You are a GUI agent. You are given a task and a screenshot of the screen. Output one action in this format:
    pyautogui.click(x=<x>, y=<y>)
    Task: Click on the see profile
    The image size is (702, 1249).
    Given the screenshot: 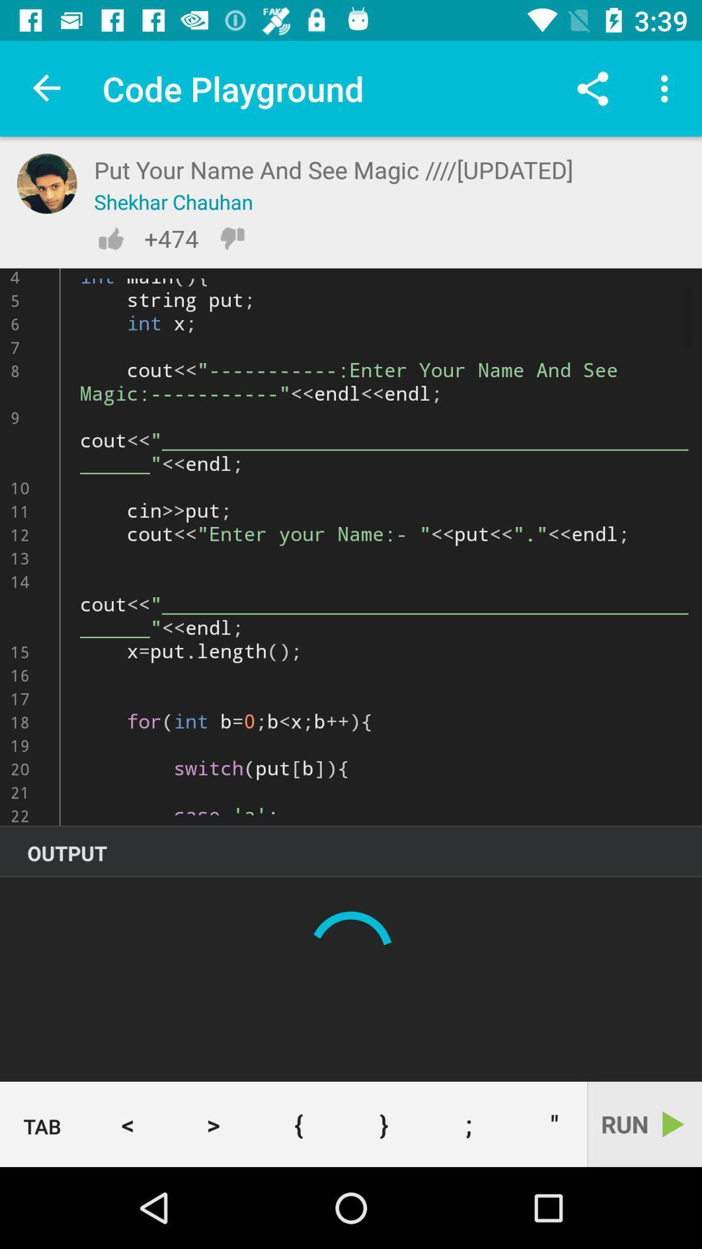 What is the action you would take?
    pyautogui.click(x=46, y=183)
    